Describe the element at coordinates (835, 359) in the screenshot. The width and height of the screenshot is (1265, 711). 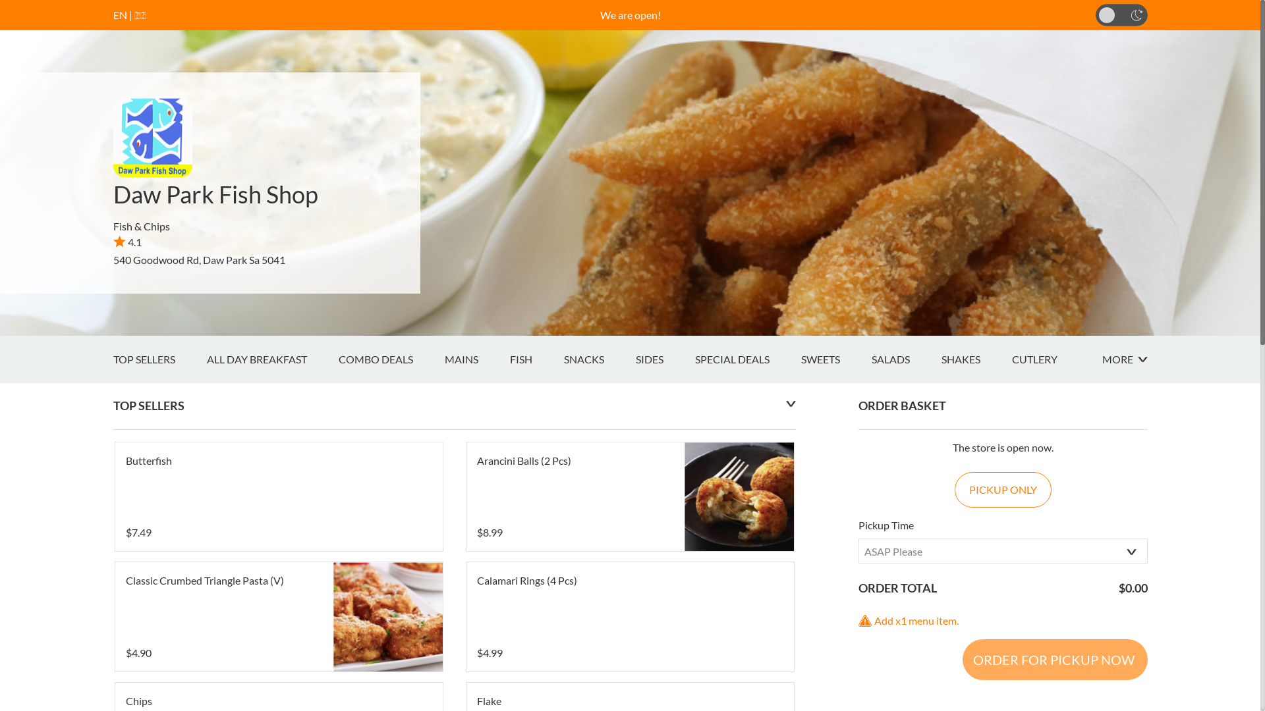
I see `'SWEETS'` at that location.